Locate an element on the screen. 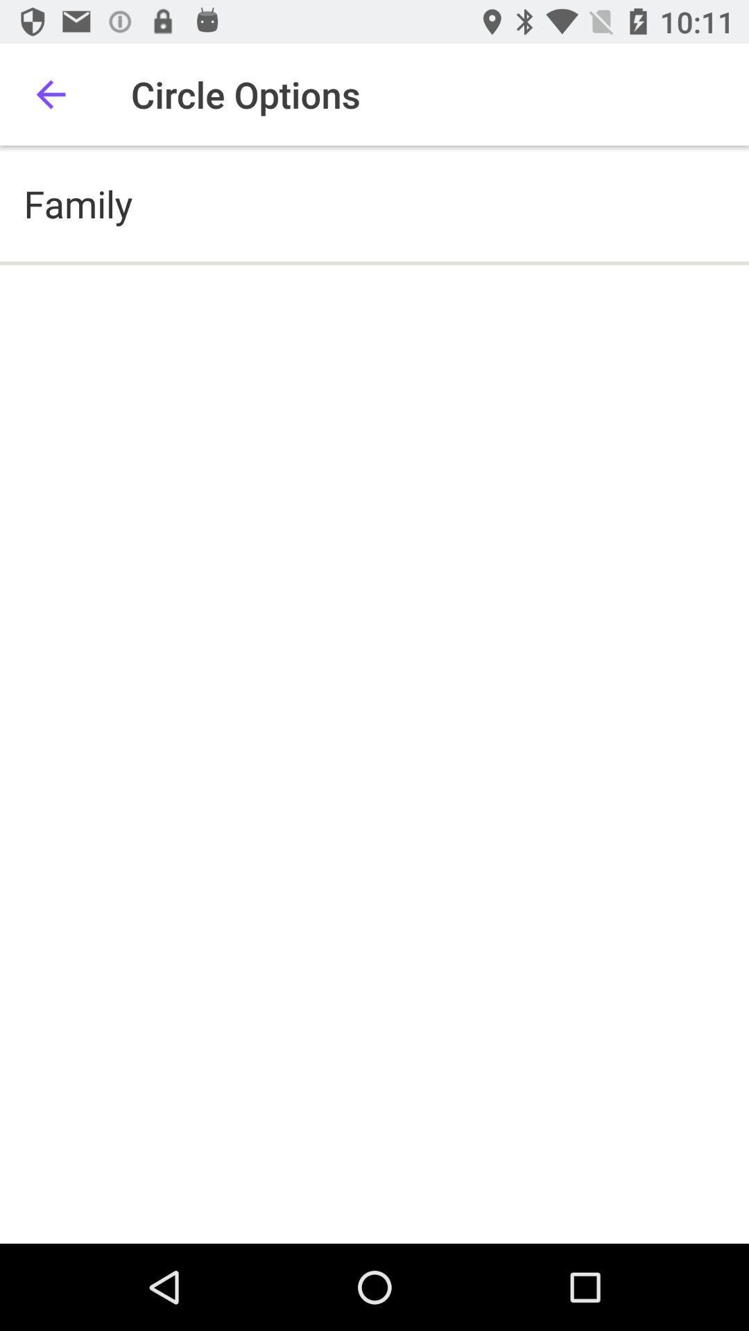  icon above family icon is located at coordinates (50, 94).